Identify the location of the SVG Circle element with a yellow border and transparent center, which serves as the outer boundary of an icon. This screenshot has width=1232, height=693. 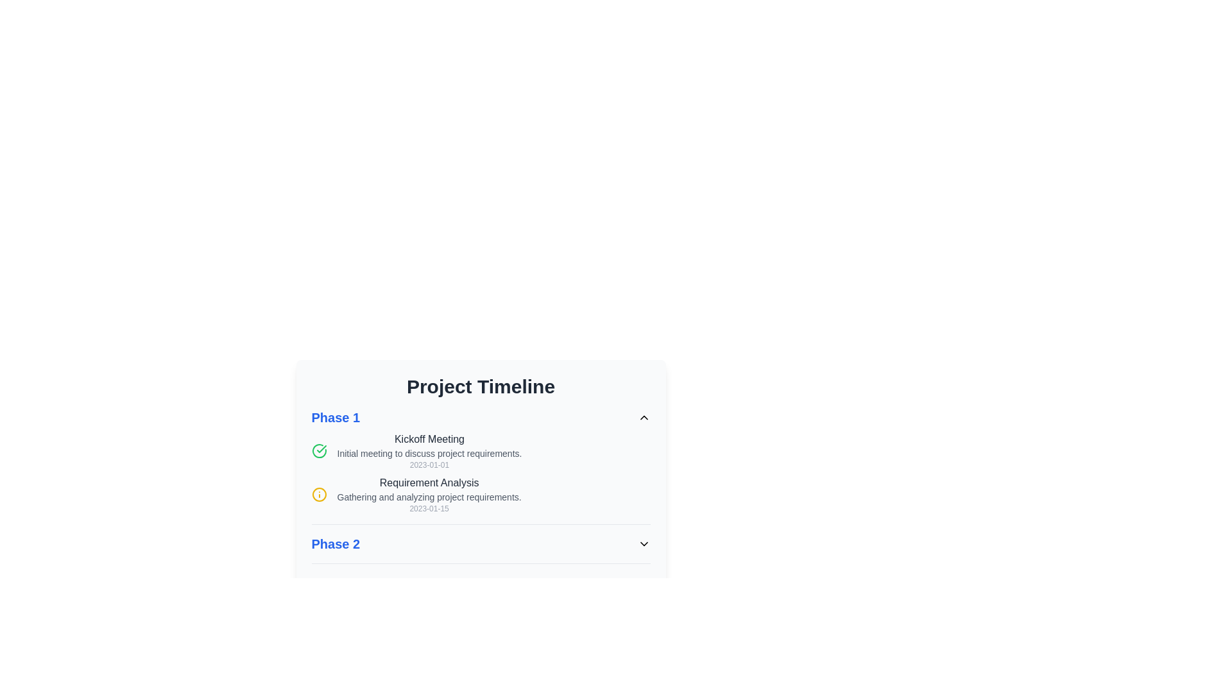
(319, 494).